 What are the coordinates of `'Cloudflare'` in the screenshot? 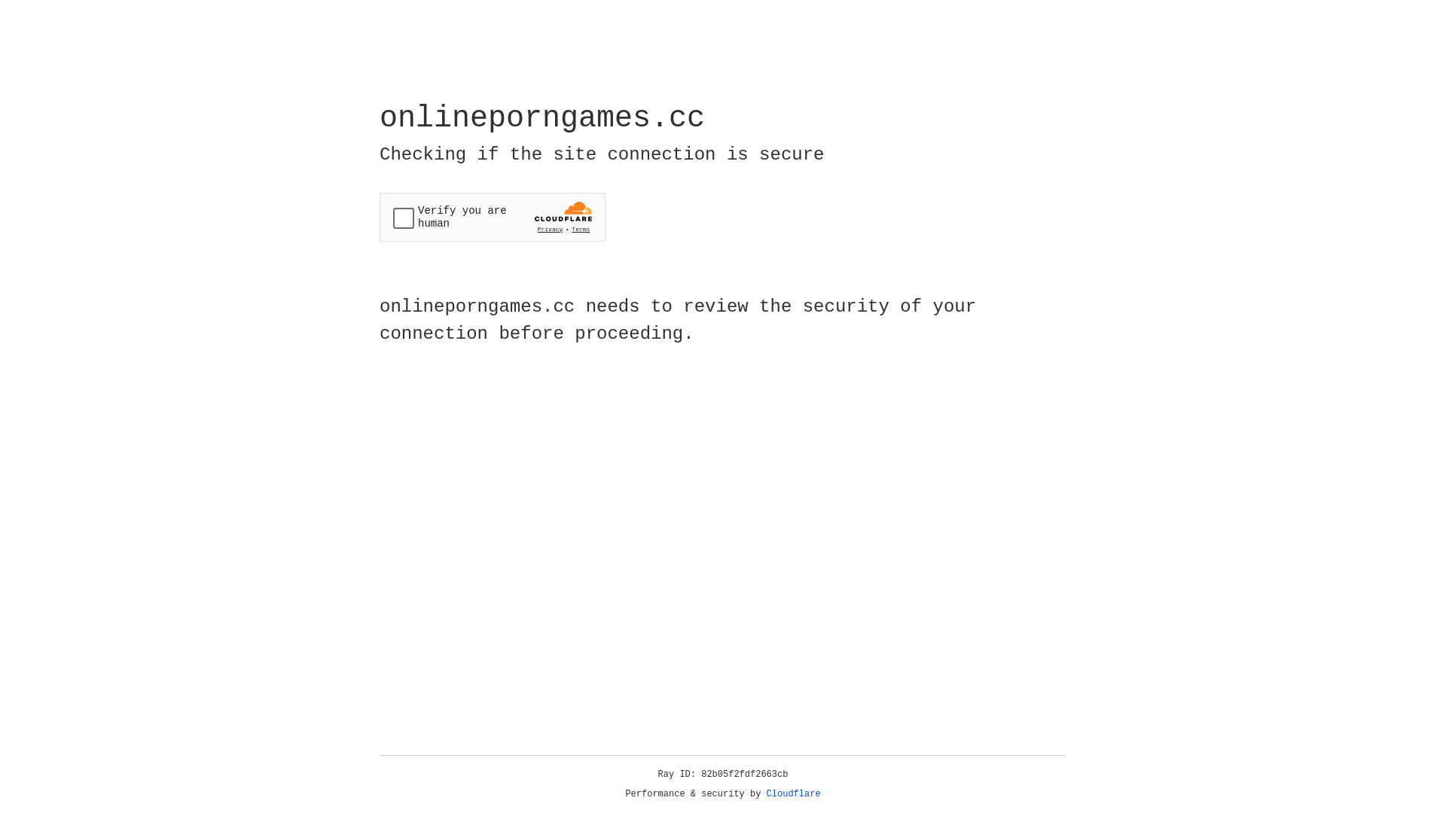 It's located at (793, 793).